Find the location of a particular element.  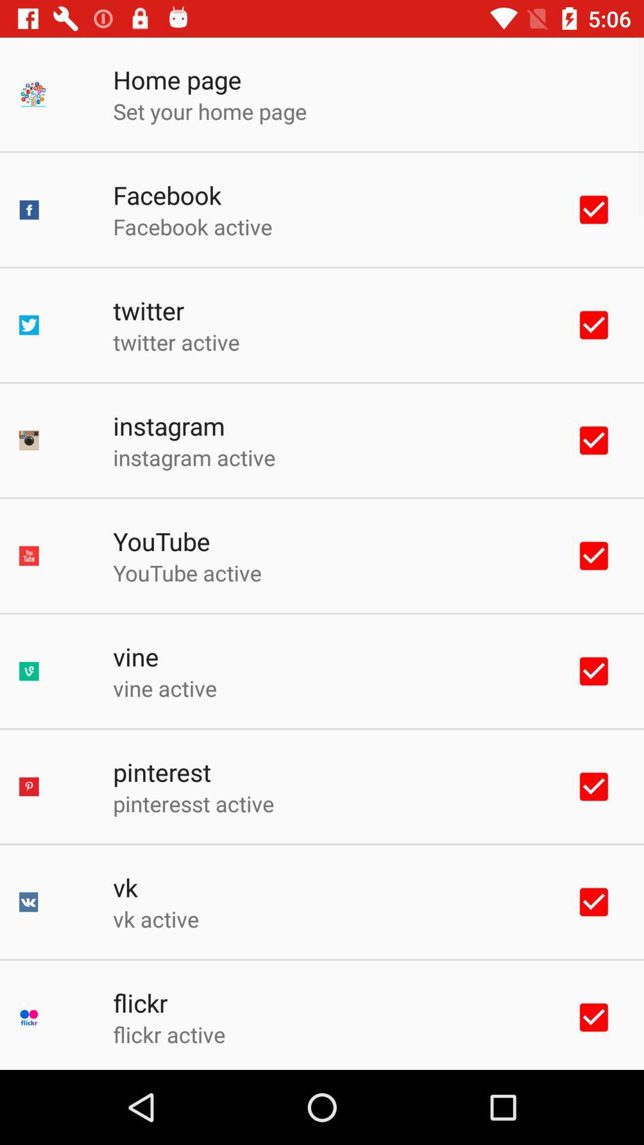

app below pinterest item is located at coordinates (193, 803).